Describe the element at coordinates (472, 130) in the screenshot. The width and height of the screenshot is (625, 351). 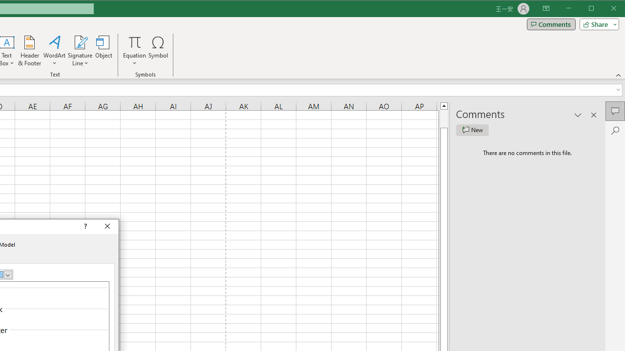
I see `'New comment'` at that location.